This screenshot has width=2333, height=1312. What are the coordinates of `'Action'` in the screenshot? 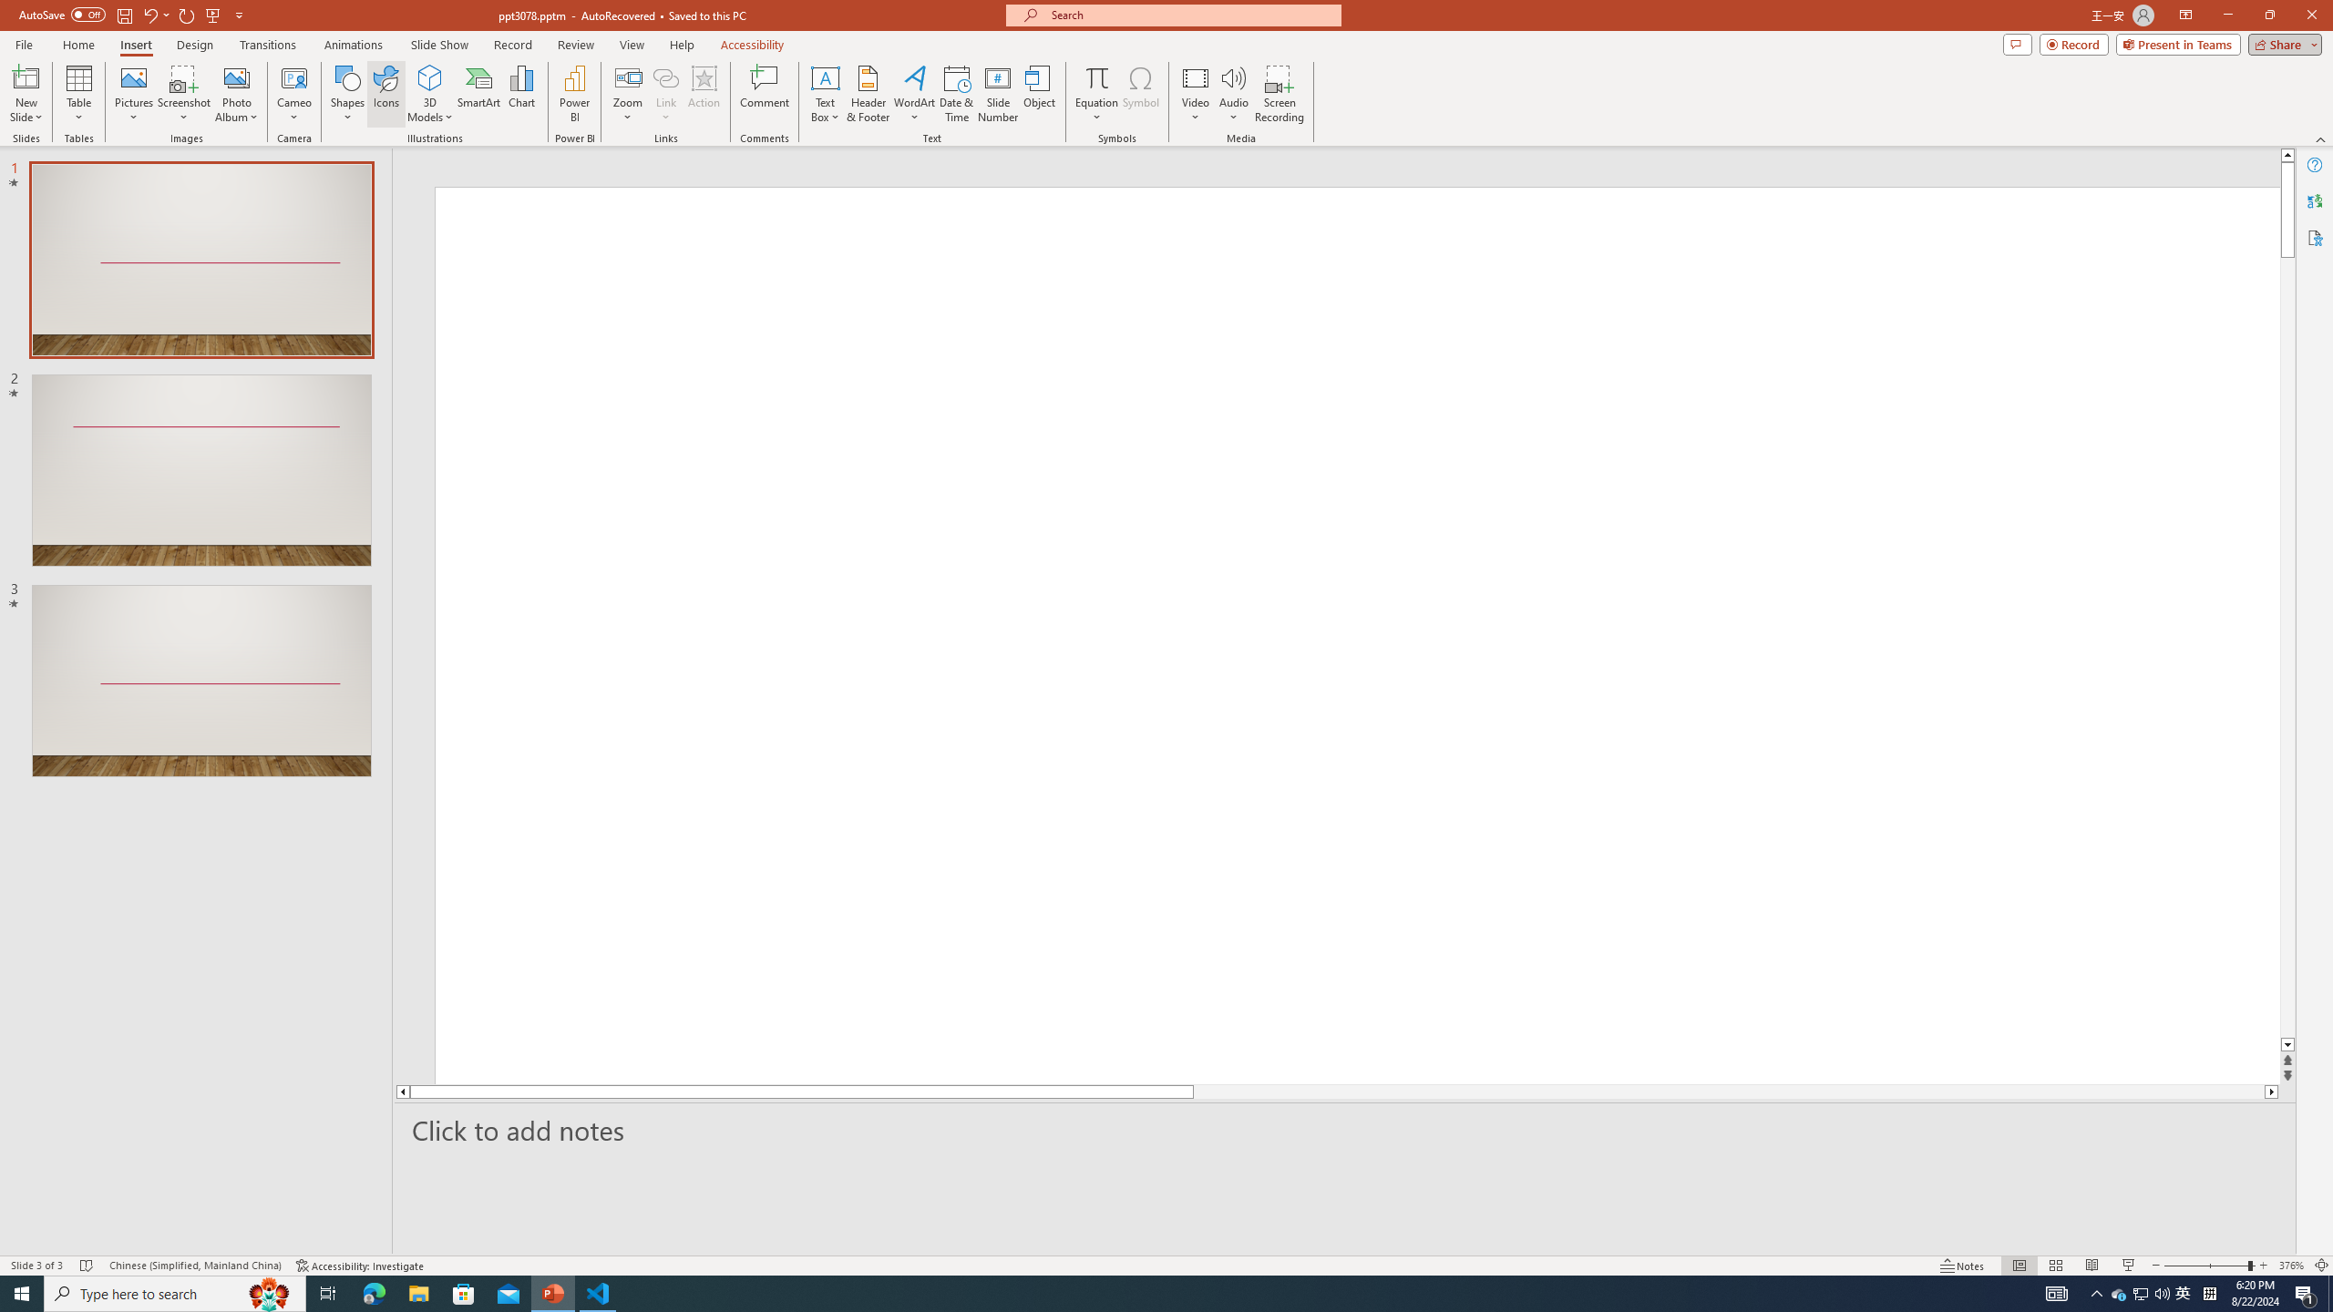 It's located at (704, 94).